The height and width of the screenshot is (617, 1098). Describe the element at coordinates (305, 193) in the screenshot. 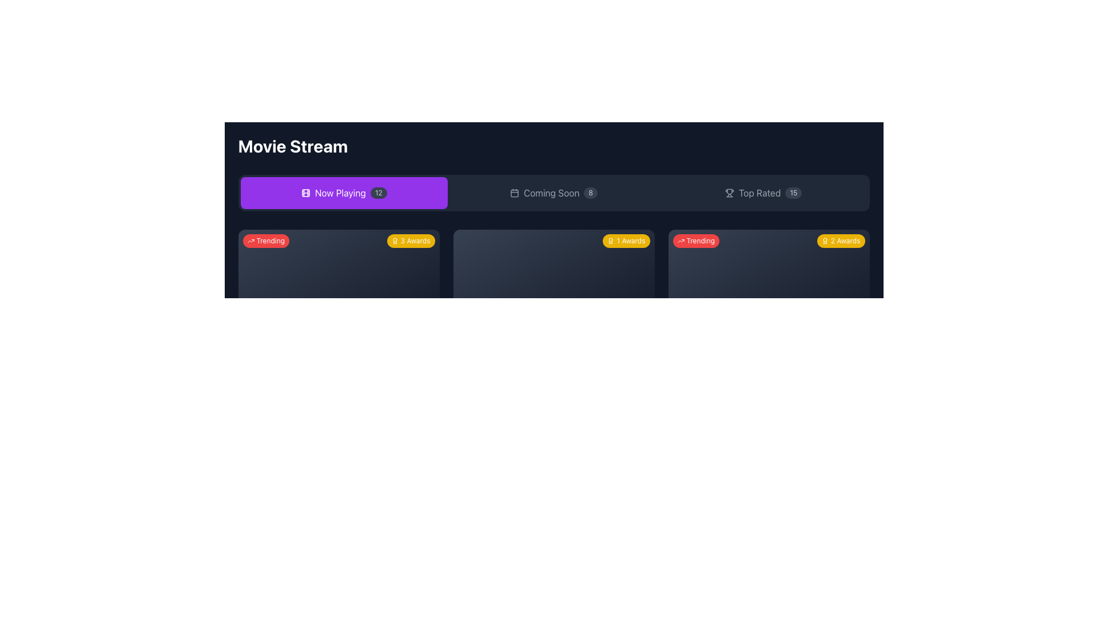

I see `the decorative graphical element within the filmstrip icon that enhances the 'Now Playing' button, located in the primary navigation bar` at that location.